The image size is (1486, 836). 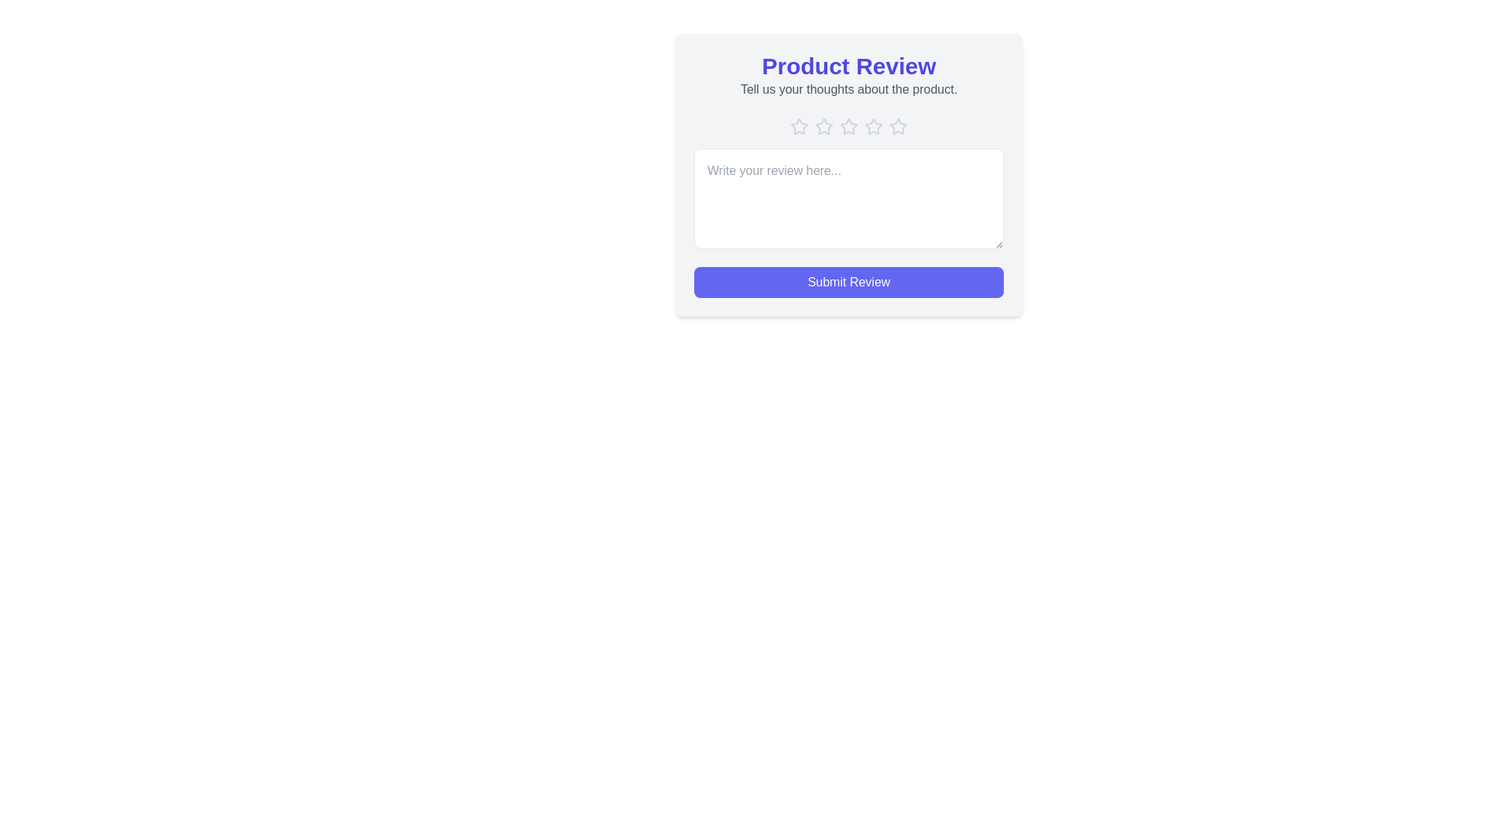 I want to click on the first star-shaped rating icon in the review panel, so click(x=799, y=126).